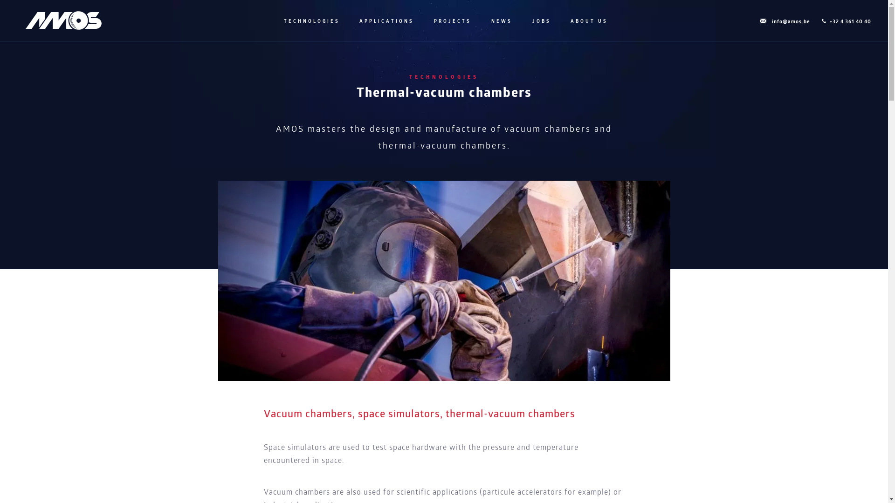  I want to click on 'ABOUT US', so click(588, 21).